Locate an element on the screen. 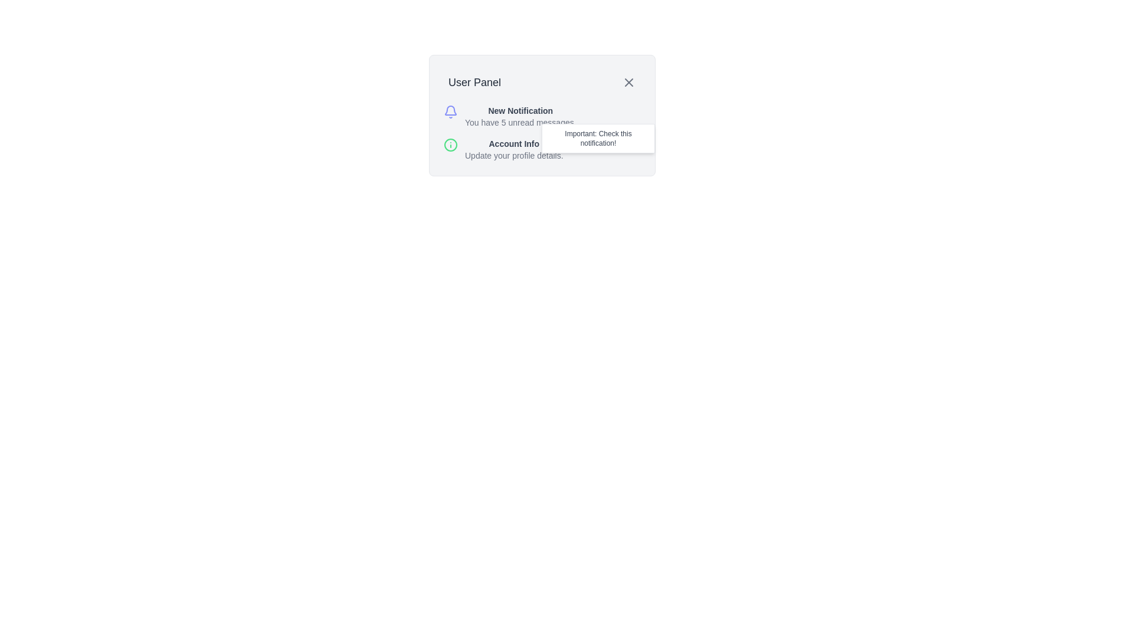 This screenshot has height=637, width=1133. the icon located to the left of the 'Account Info' text in the 'User Panel' section is located at coordinates (450, 145).